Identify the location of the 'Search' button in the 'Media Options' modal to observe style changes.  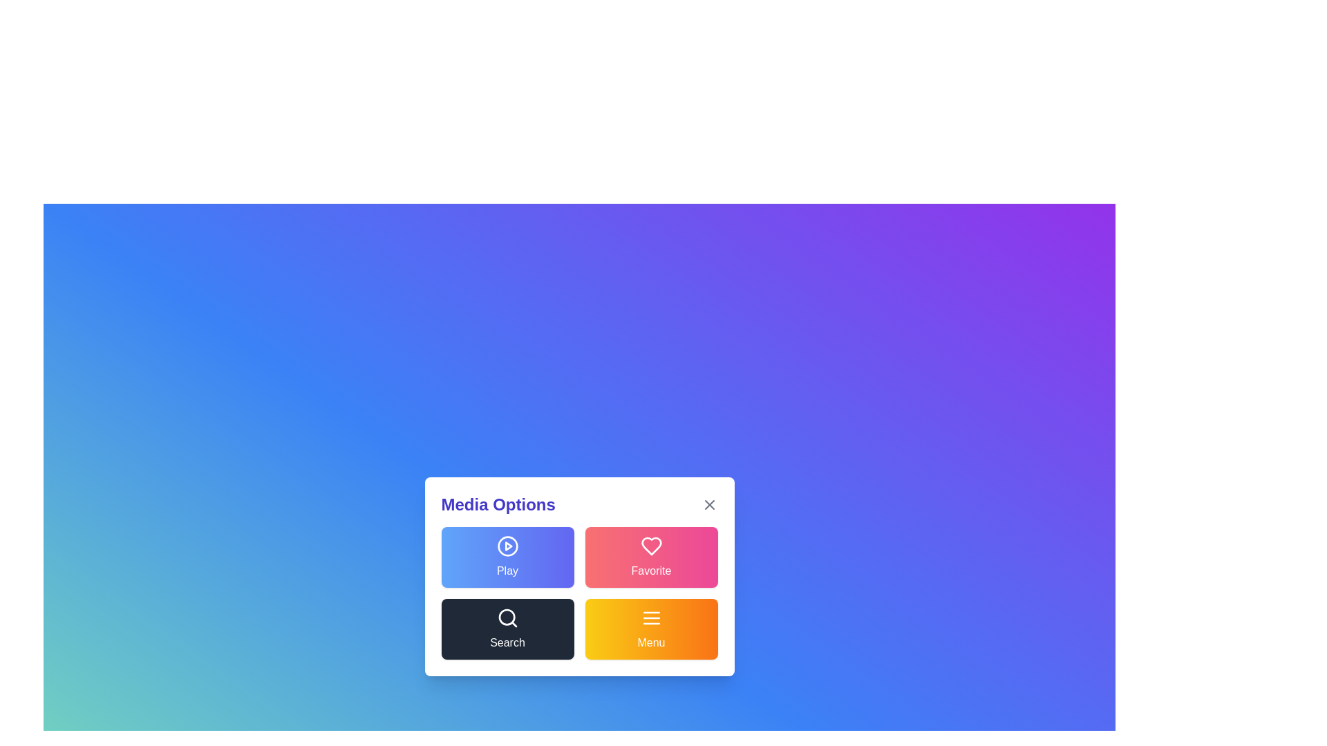
(507, 629).